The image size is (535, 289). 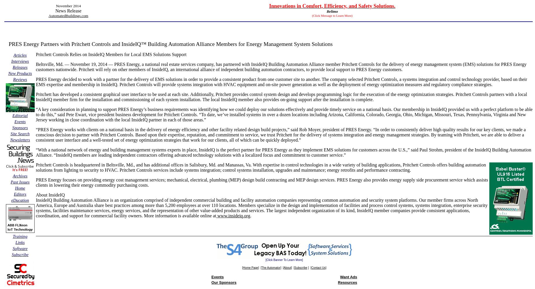 I want to click on ']', so click(x=308, y=268).